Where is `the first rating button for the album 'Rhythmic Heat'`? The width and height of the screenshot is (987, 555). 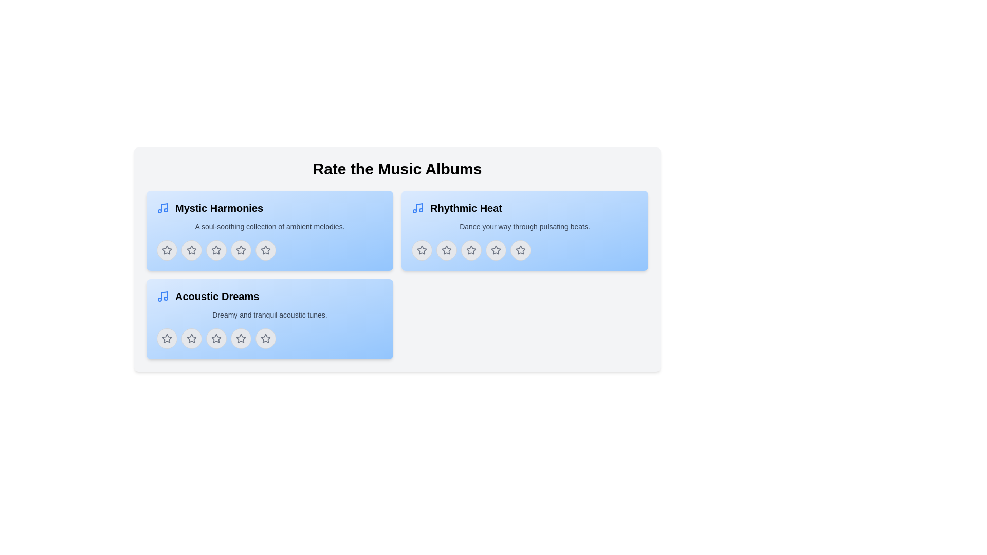 the first rating button for the album 'Rhythmic Heat' is located at coordinates (422, 250).